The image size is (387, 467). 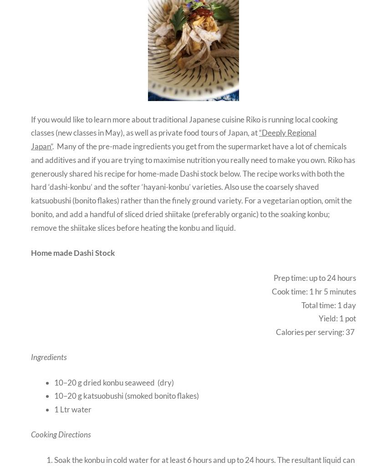 What do you see at coordinates (313, 291) in the screenshot?
I see `'hr 5 minutes'` at bounding box center [313, 291].